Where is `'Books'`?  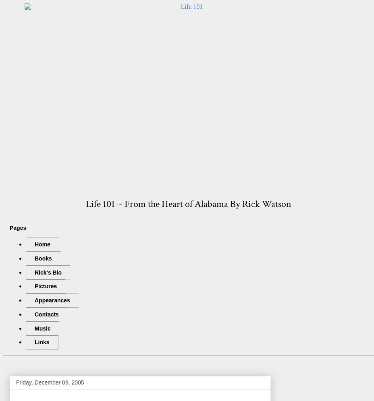 'Books' is located at coordinates (34, 258).